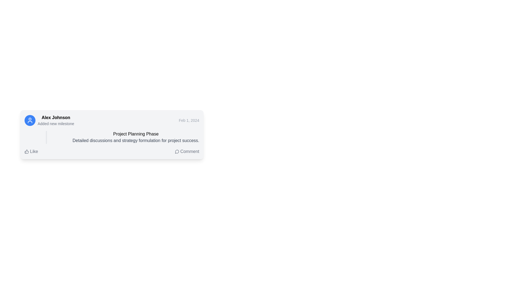 The image size is (524, 295). Describe the element at coordinates (56, 120) in the screenshot. I see `the text label displaying 'Alex Johnson' followed by 'Added new milestone', located next to the blue circular user profile icon in the top-left section of the card` at that location.